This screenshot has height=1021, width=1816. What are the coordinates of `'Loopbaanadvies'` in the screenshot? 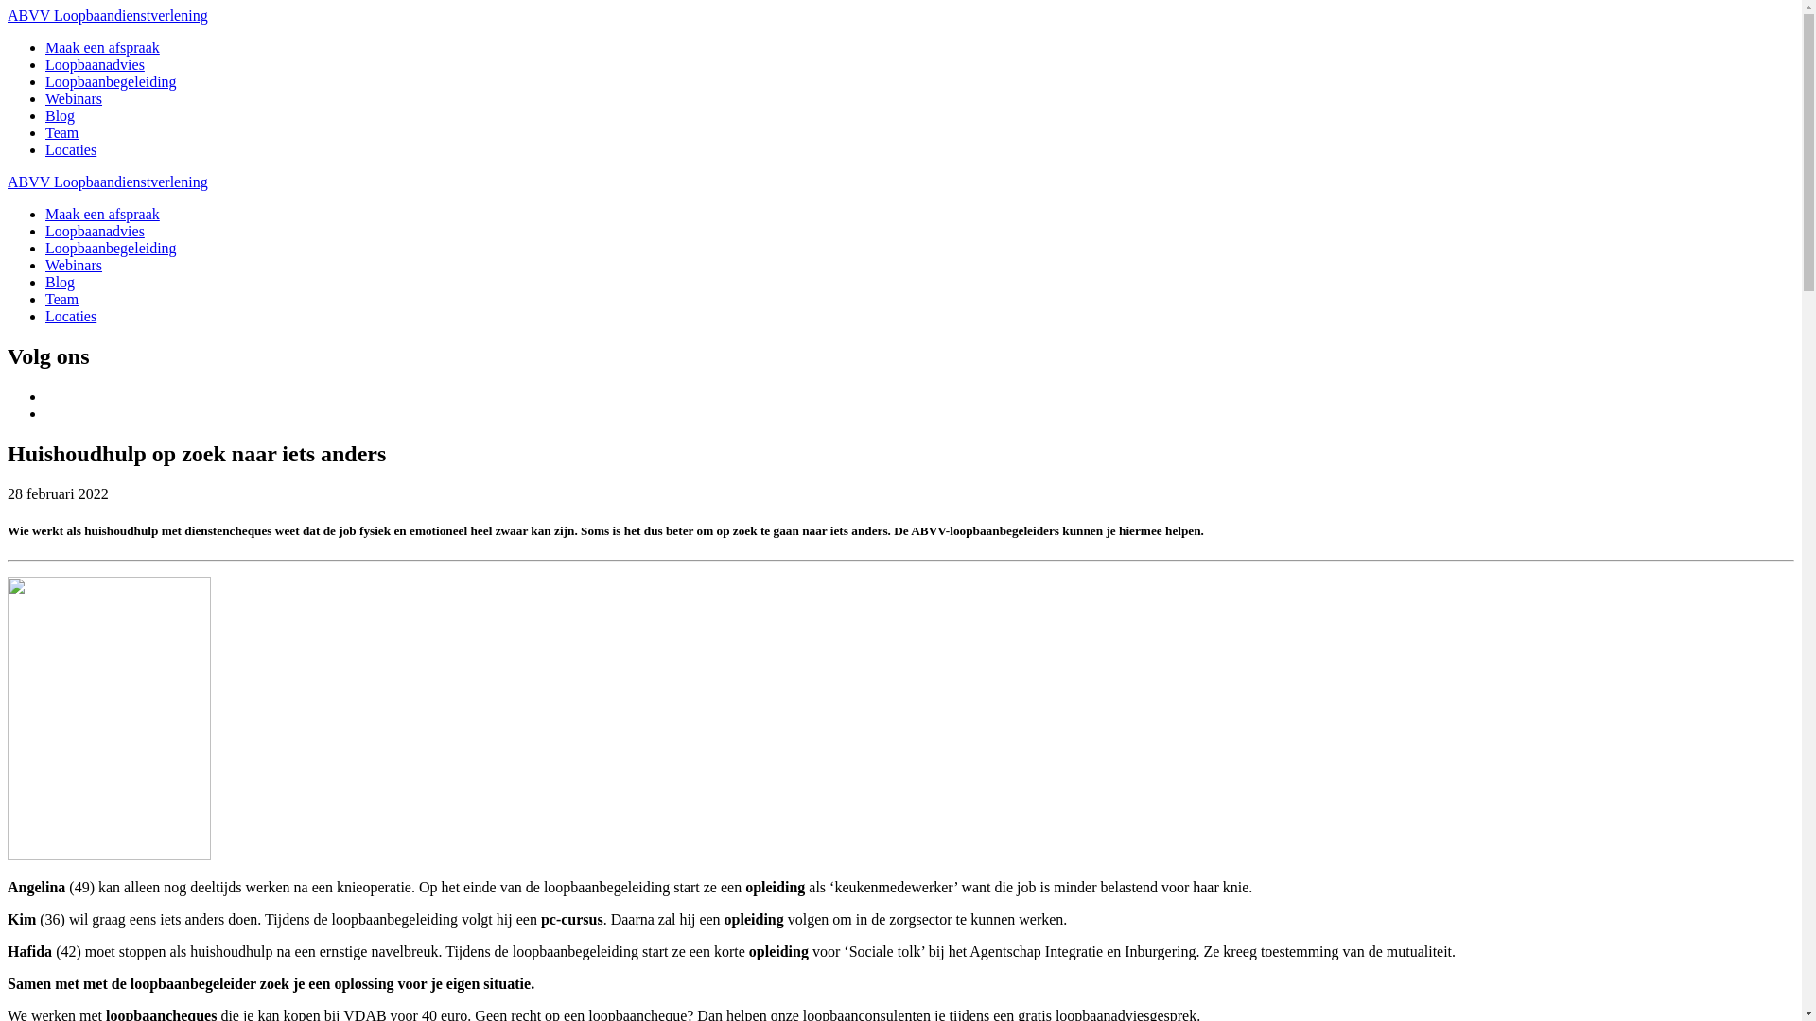 It's located at (94, 230).